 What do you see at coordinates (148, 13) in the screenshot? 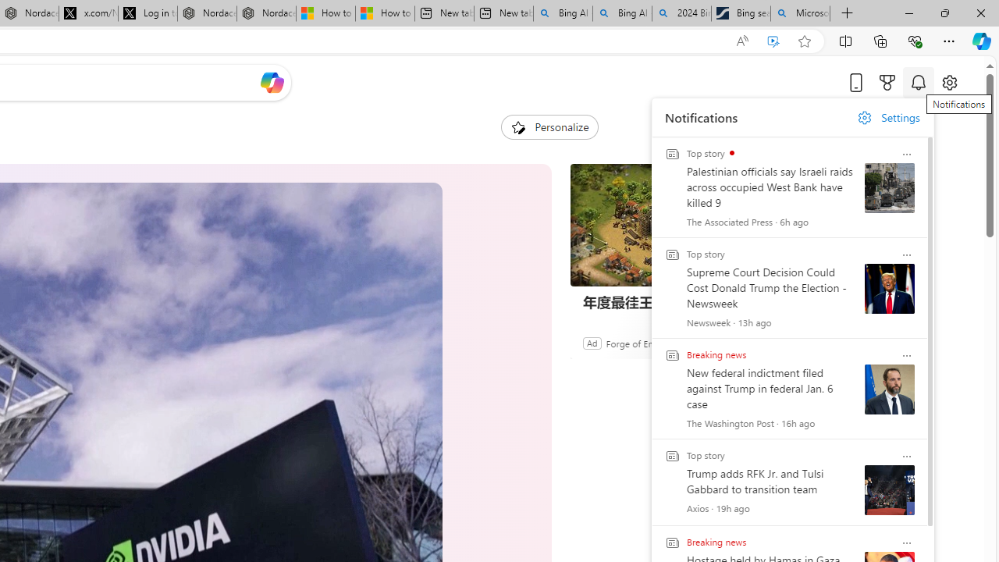
I see `'Log in to X / X'` at bounding box center [148, 13].